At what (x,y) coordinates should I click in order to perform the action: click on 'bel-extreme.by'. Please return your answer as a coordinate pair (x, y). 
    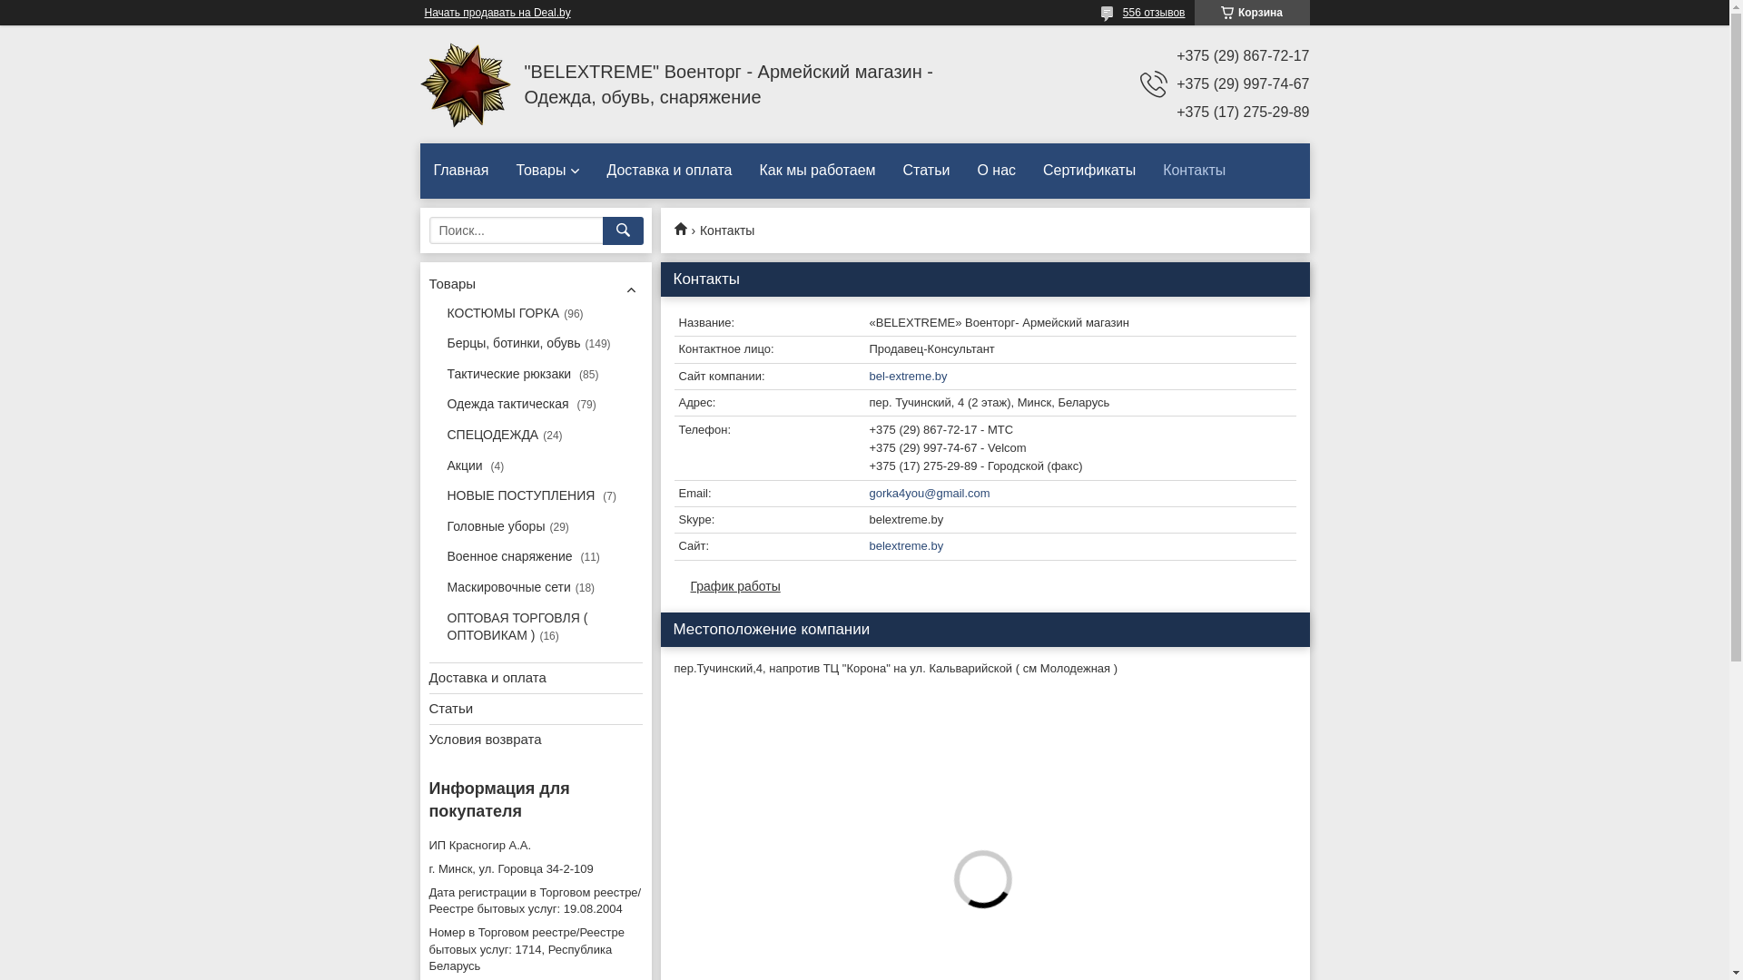
    Looking at the image, I should click on (983, 376).